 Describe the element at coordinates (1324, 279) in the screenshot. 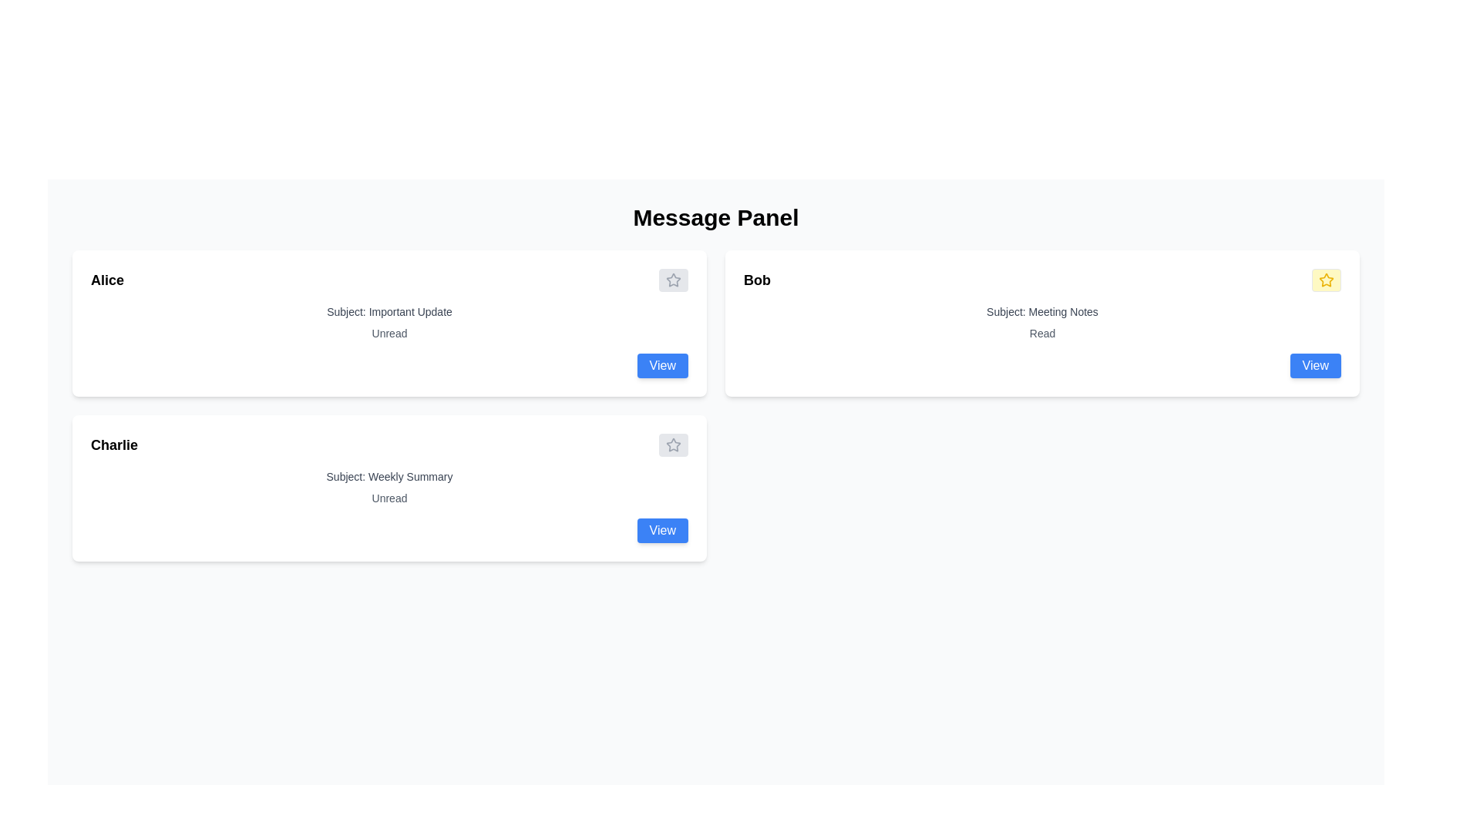

I see `the yellow star icon located in the top-right corner of the message card labeled 'Bob' to mark or unmark it as favorite` at that location.